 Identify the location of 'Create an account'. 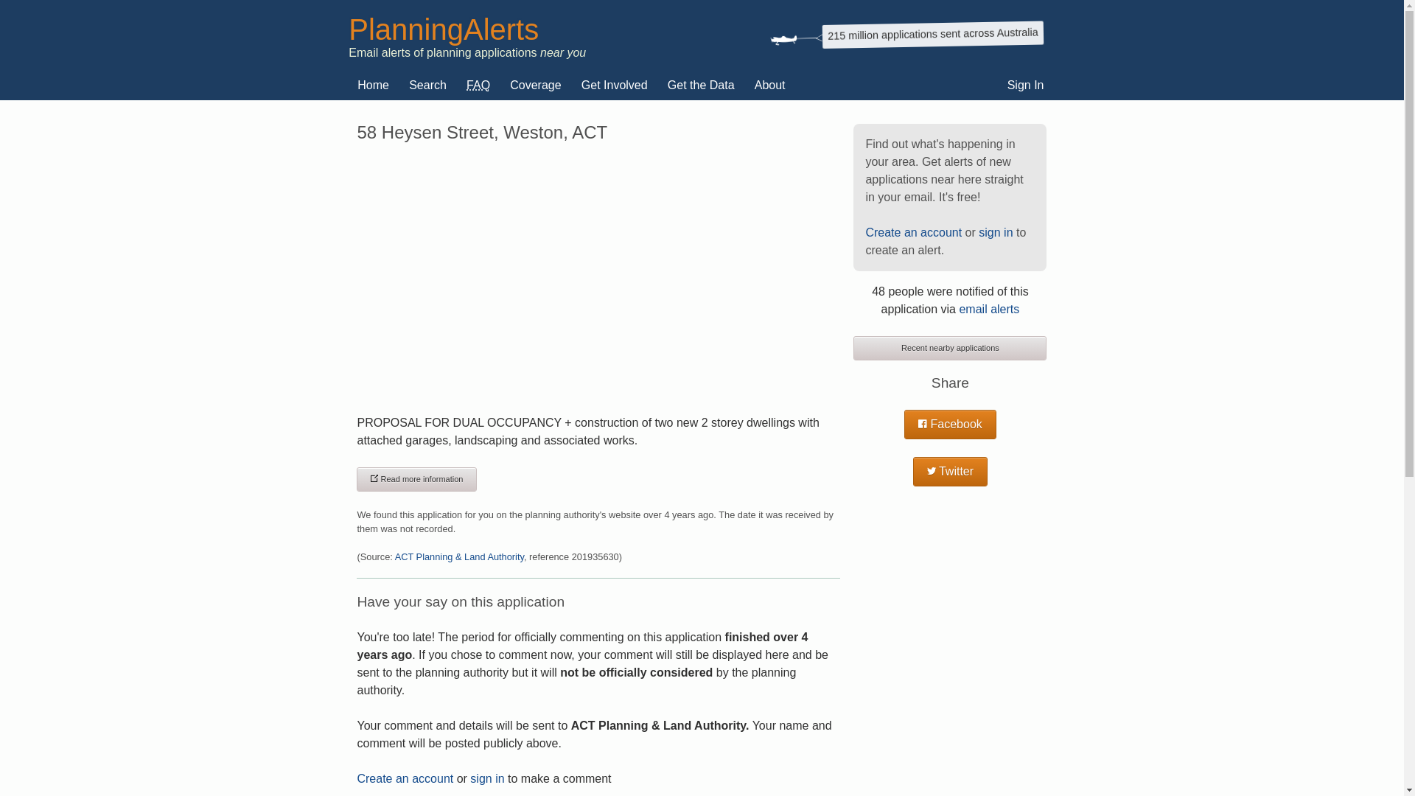
(912, 232).